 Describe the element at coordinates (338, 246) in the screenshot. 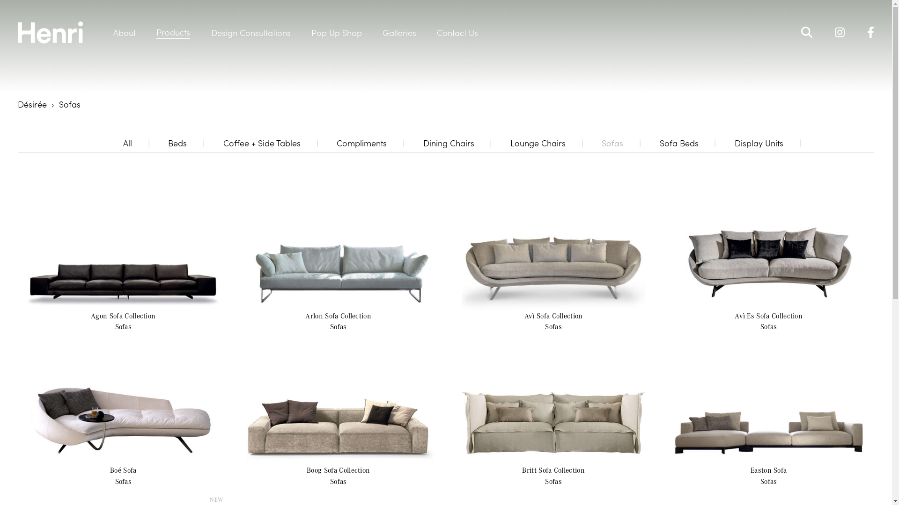

I see `'Arlon - Sofa Collection / Sofas'` at that location.